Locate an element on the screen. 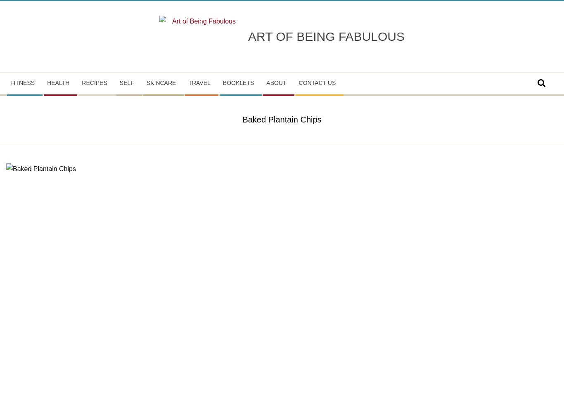 This screenshot has width=564, height=407. 'Baked Plantain Chips' is located at coordinates (281, 119).